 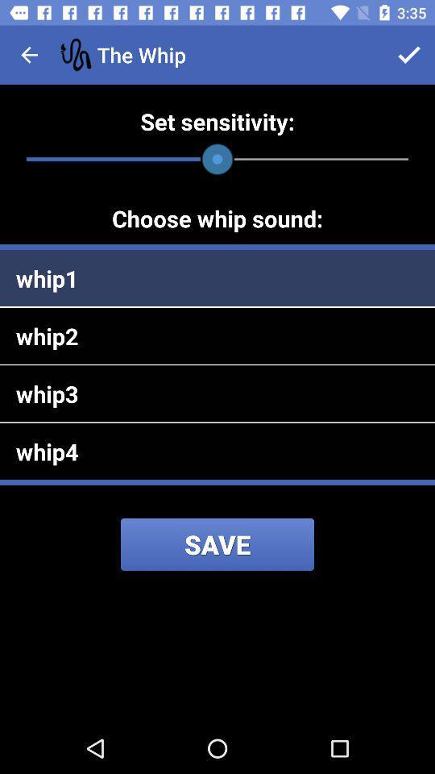 What do you see at coordinates (217, 544) in the screenshot?
I see `save icon` at bounding box center [217, 544].